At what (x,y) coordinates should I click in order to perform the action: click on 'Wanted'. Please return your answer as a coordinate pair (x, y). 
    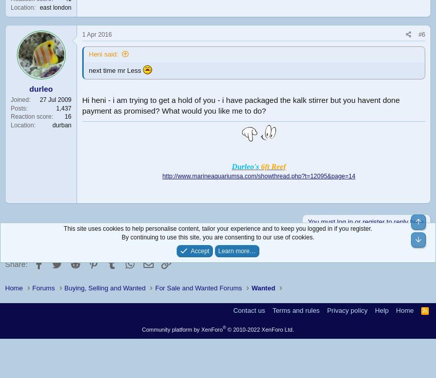
    Looking at the image, I should click on (262, 287).